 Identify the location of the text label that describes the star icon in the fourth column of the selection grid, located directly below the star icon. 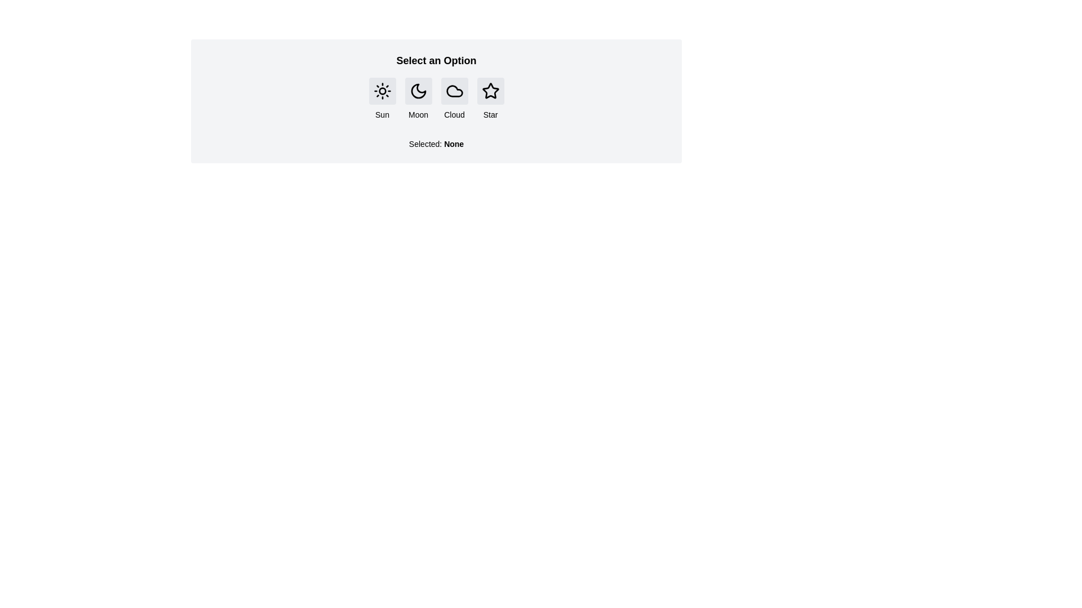
(490, 115).